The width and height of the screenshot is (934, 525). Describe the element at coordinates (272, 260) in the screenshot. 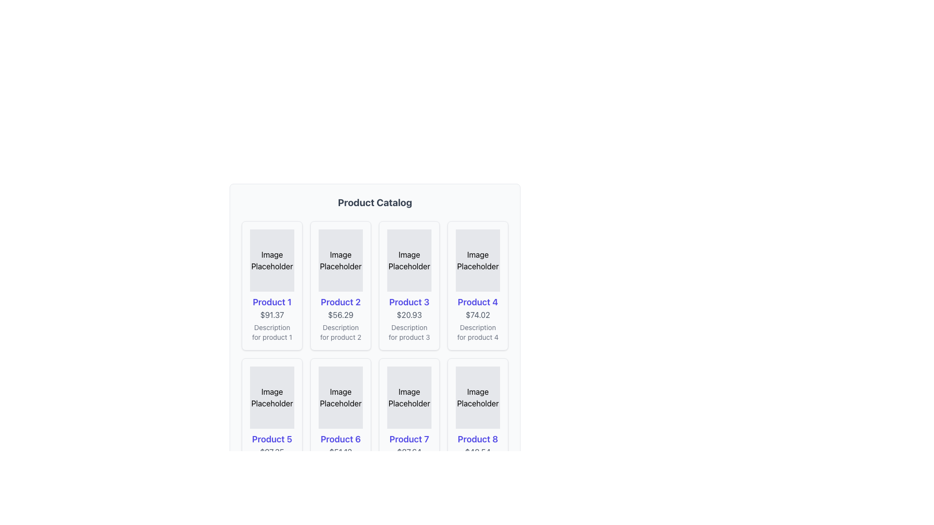

I see `the 'Image Placeholder' element, which is a rectangular area with light gray background displaying the text 'Image Placeholder', located at the top of the card for 'Product 1'` at that location.